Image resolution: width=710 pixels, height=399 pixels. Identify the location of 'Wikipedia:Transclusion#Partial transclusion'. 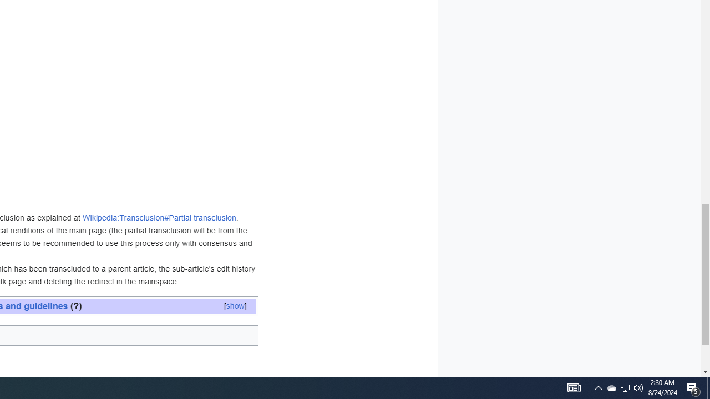
(159, 218).